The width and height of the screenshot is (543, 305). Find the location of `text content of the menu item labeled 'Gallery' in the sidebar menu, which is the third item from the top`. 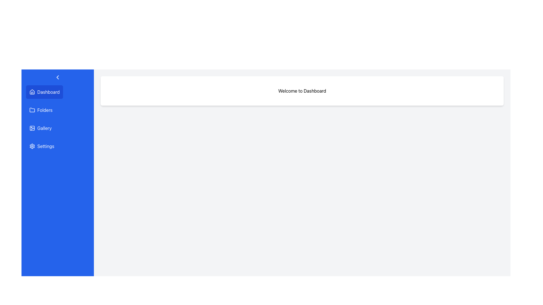

text content of the menu item labeled 'Gallery' in the sidebar menu, which is the third item from the top is located at coordinates (44, 128).